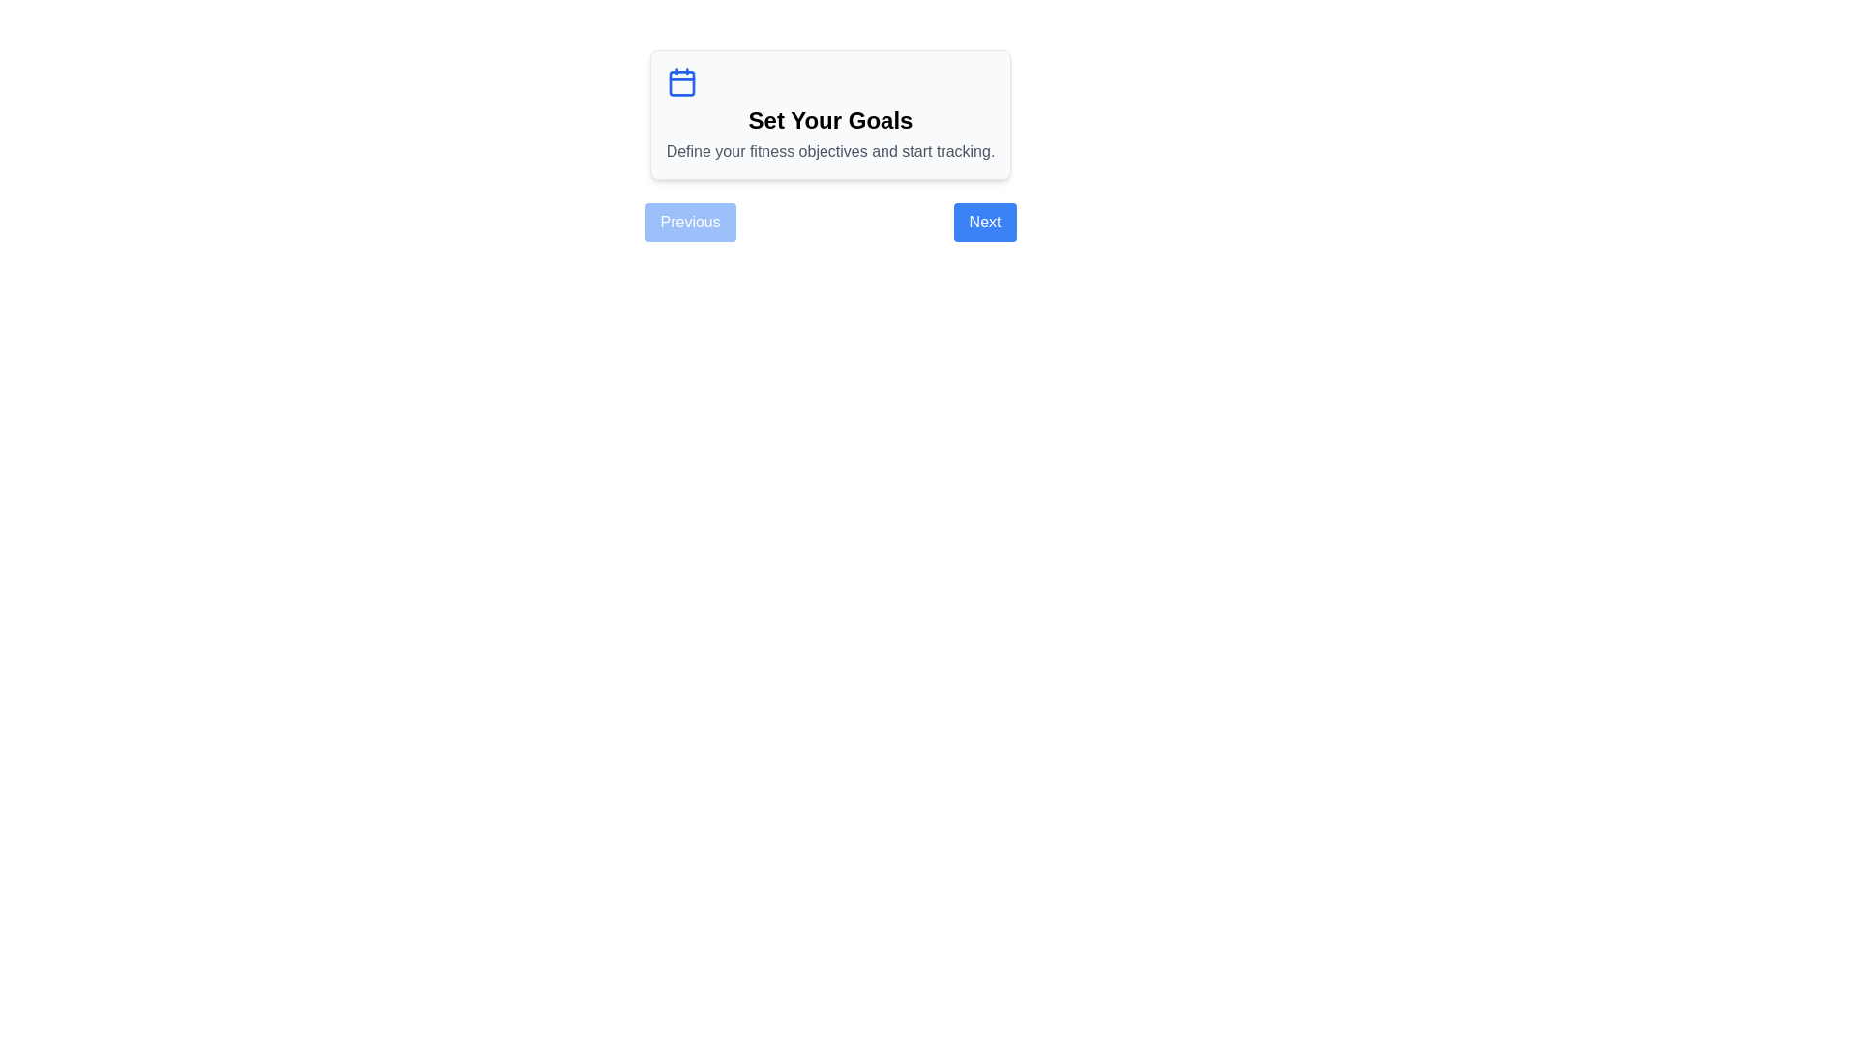 The width and height of the screenshot is (1858, 1045). What do you see at coordinates (690, 222) in the screenshot?
I see `the navigation button located on the bottom left side of the button group, which is positioned to the left of the 'Next' button` at bounding box center [690, 222].